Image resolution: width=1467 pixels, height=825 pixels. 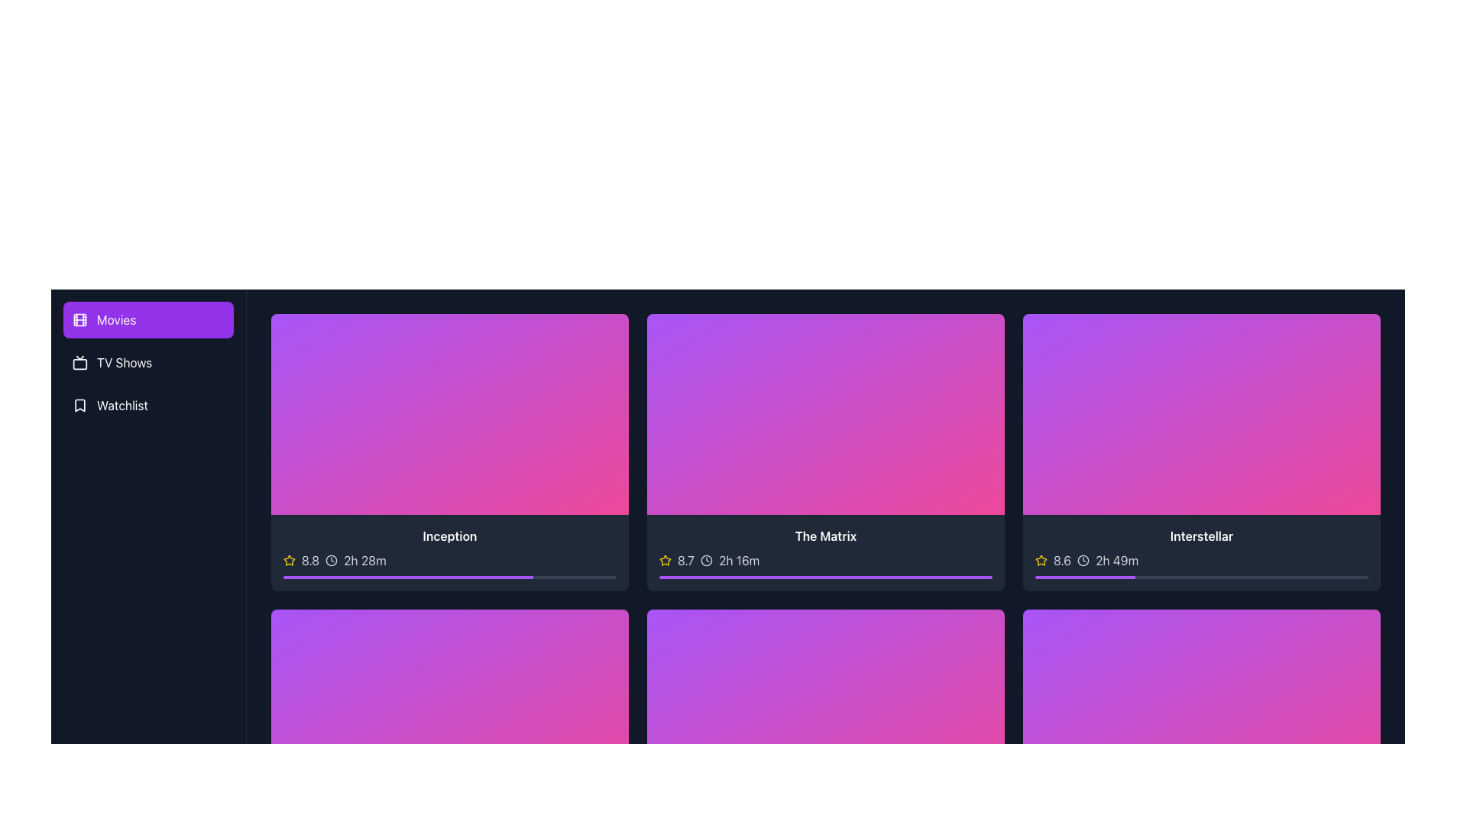 What do you see at coordinates (824, 535) in the screenshot?
I see `the text label displaying 'The Matrix' in bold white font, which is centrally positioned within a dark rectangular background in the middle card of the first row` at bounding box center [824, 535].